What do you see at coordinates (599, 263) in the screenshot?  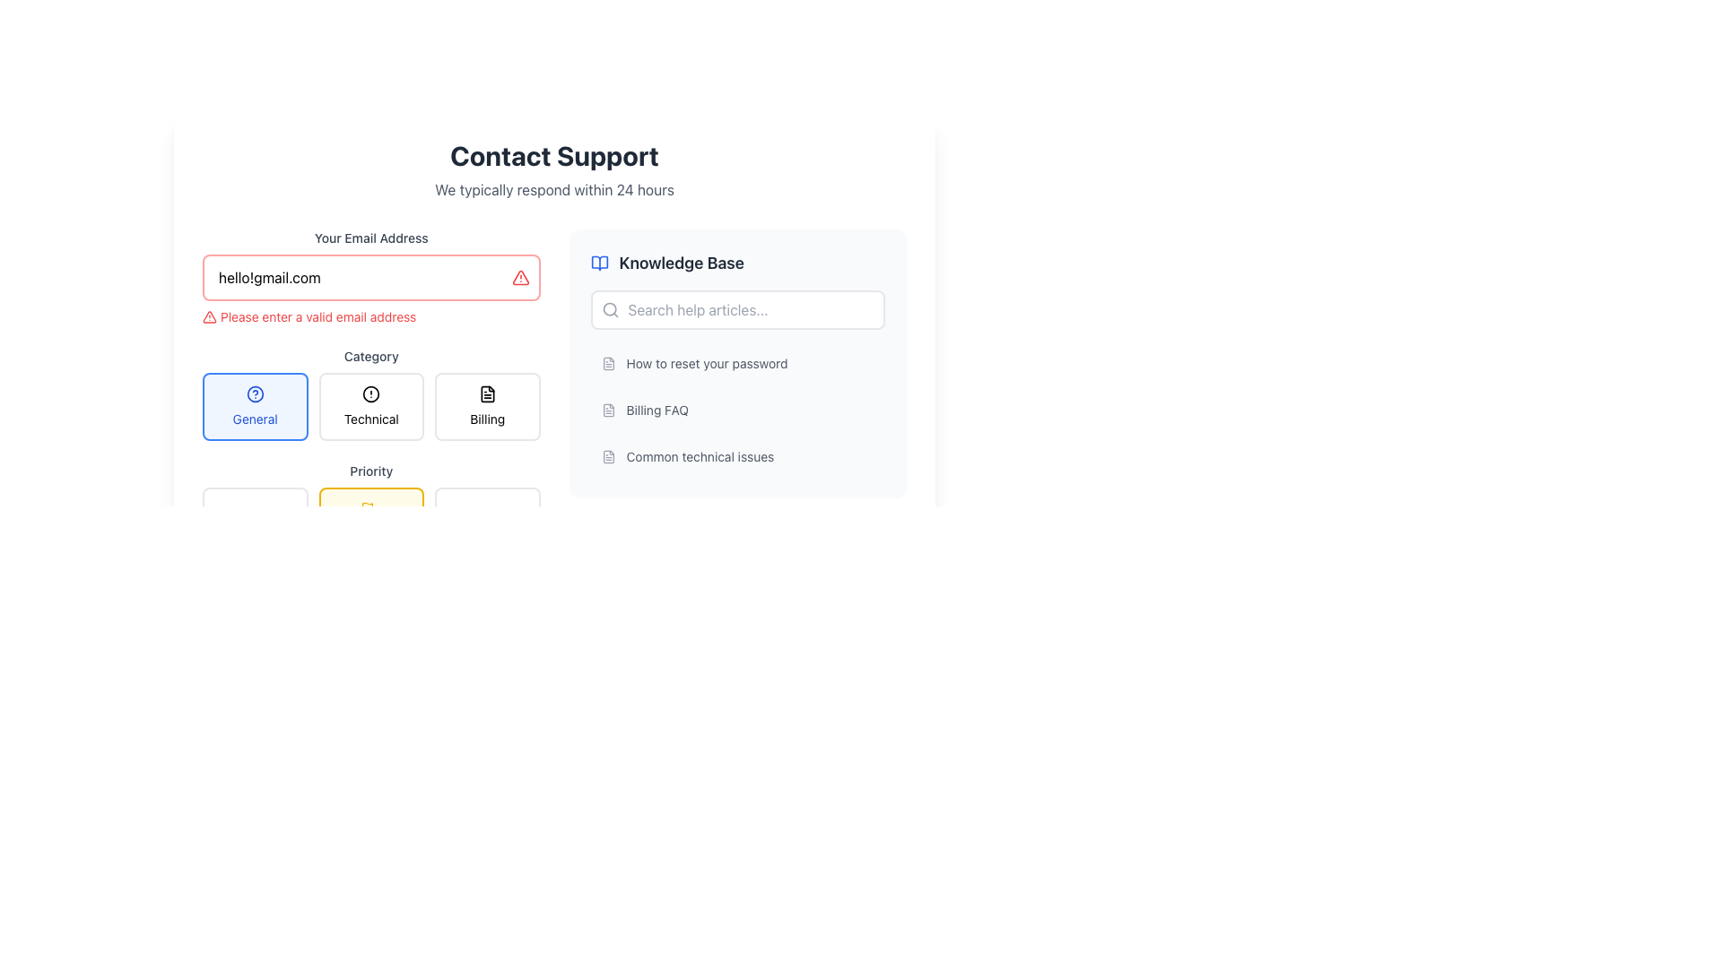 I see `the open book icon located in the 'Knowledge Base' section, which is styled in blue and positioned to the left of the 'Knowledge Base' heading` at bounding box center [599, 263].